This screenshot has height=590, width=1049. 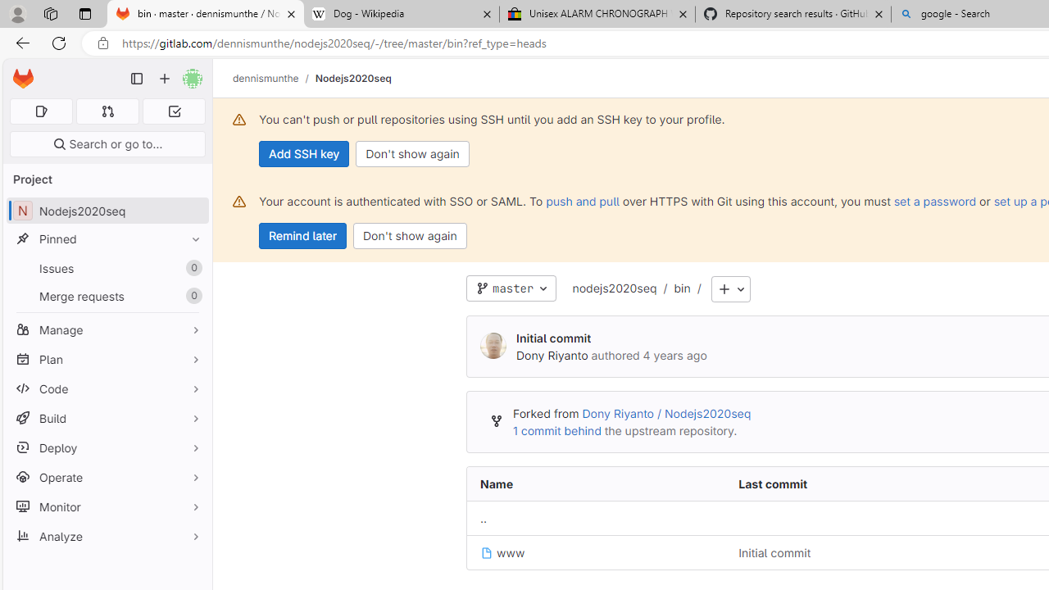 I want to click on 'Manage', so click(x=107, y=329).